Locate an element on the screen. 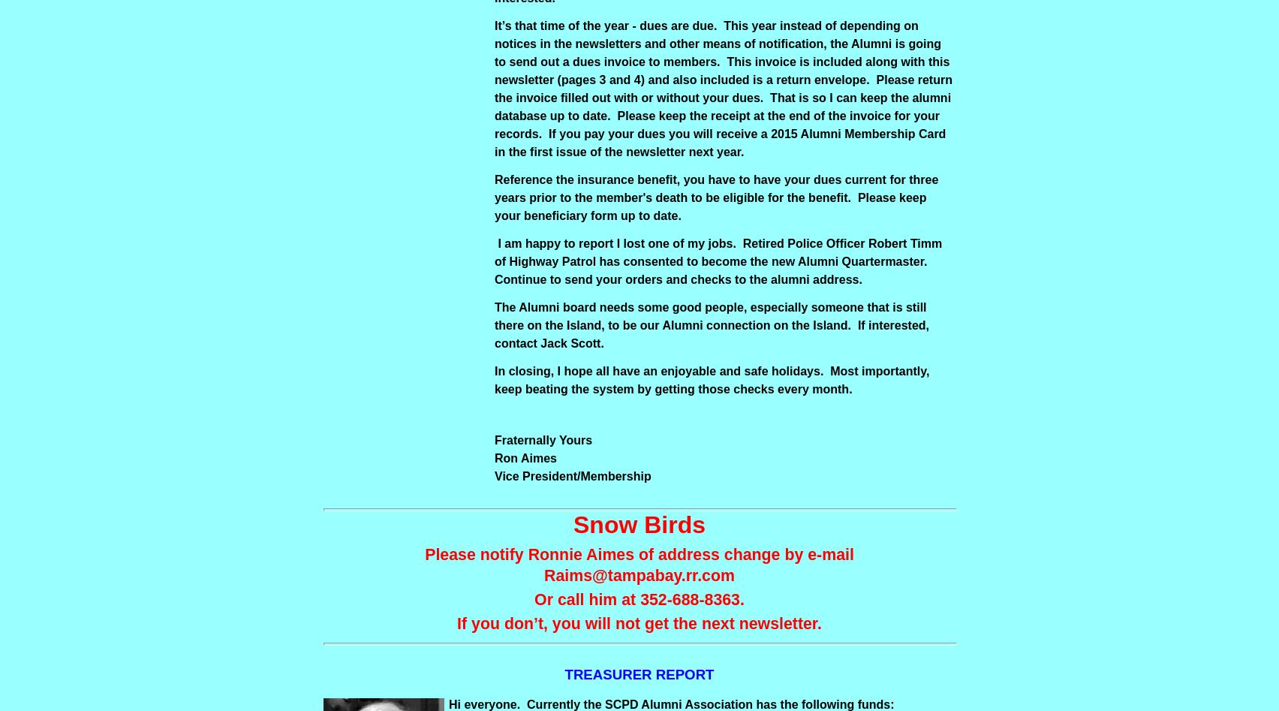 Image resolution: width=1279 pixels, height=711 pixels. 'I
am happy to report I lost one of my jobs.  Retired Police Officer
Robert Timm of Highway Patrol has consented to become the new Alumni
Quartermaster.  Continue to send your orders and checks to the
alumni' is located at coordinates (718, 261).